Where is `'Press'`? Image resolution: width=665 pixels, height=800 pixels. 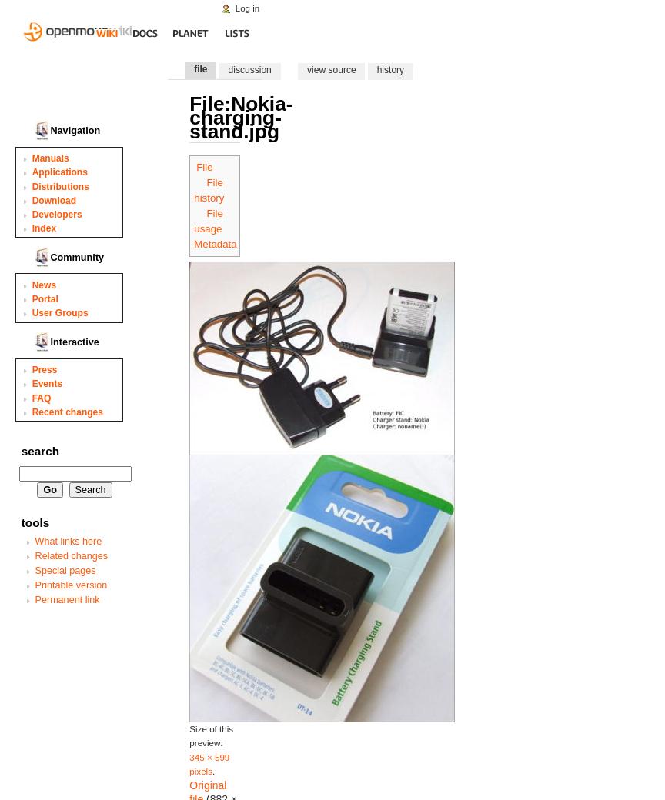 'Press' is located at coordinates (44, 370).